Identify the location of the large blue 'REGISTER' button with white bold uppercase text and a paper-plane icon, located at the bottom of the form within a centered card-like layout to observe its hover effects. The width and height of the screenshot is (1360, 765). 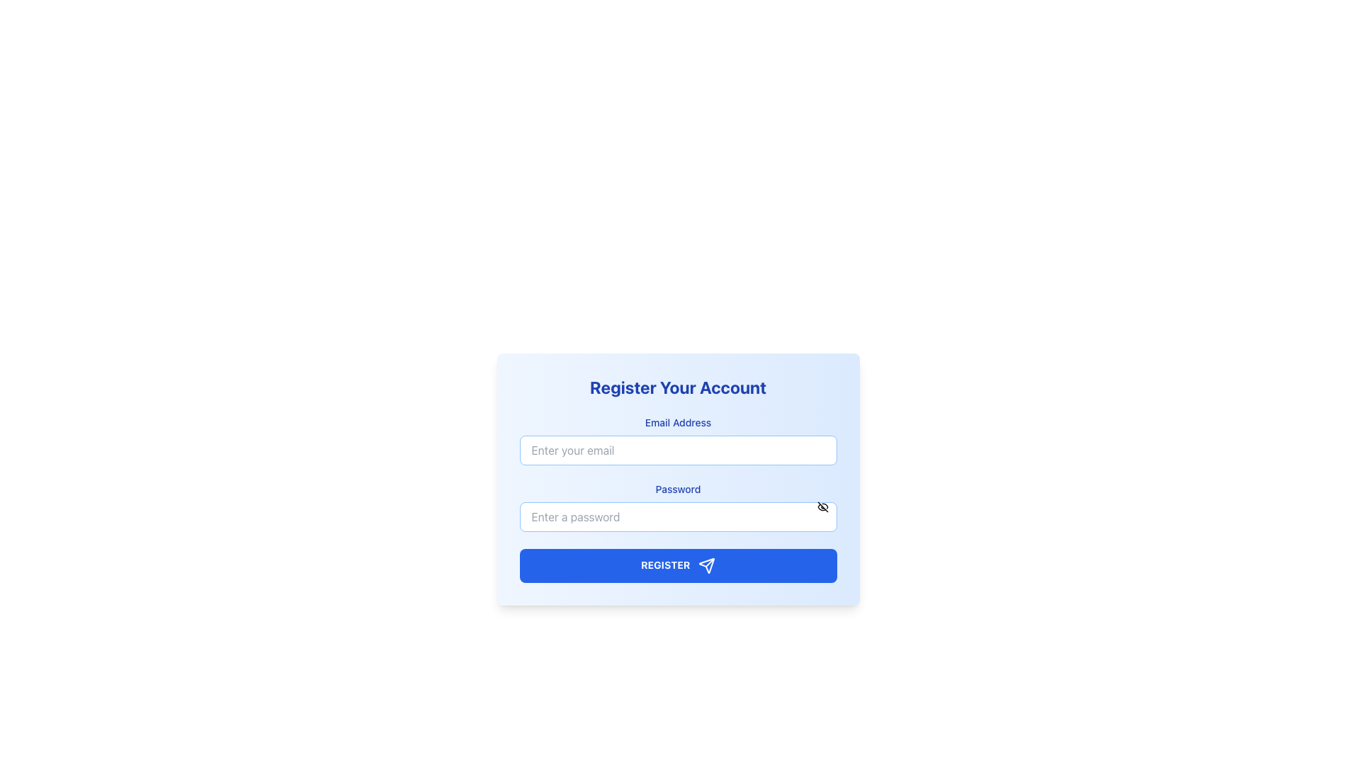
(677, 565).